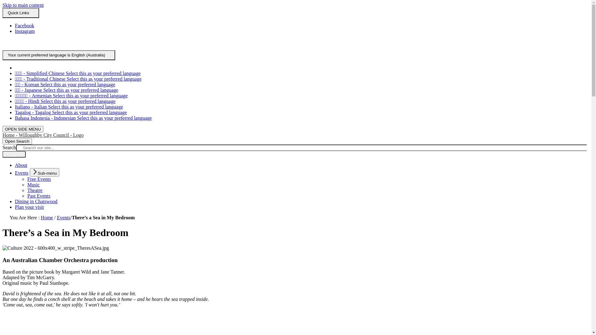  Describe the element at coordinates (23, 5) in the screenshot. I see `'Skip to main content'` at that location.